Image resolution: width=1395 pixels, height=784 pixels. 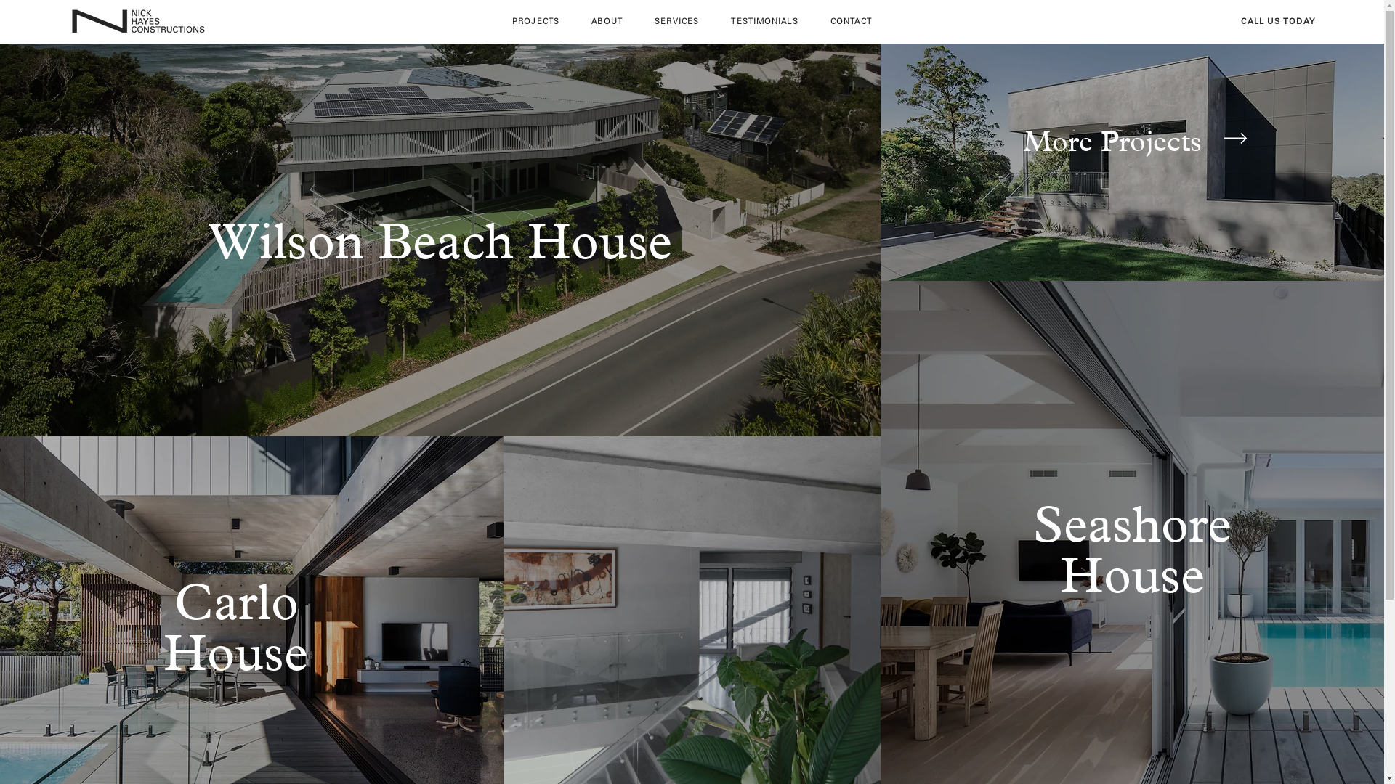 I want to click on 'ABOUT', so click(x=607, y=21).